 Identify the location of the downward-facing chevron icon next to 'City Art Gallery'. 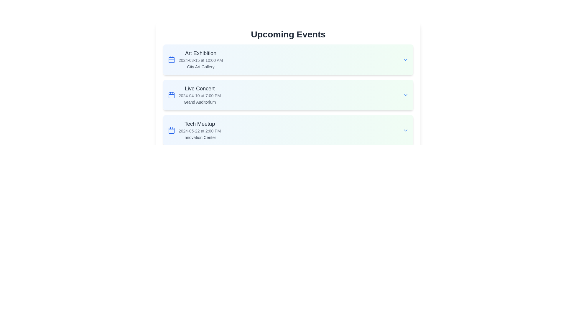
(405, 60).